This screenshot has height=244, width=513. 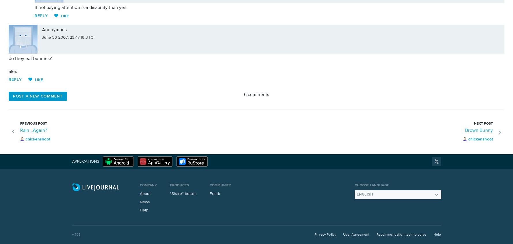 What do you see at coordinates (33, 123) in the screenshot?
I see `'Previous post'` at bounding box center [33, 123].